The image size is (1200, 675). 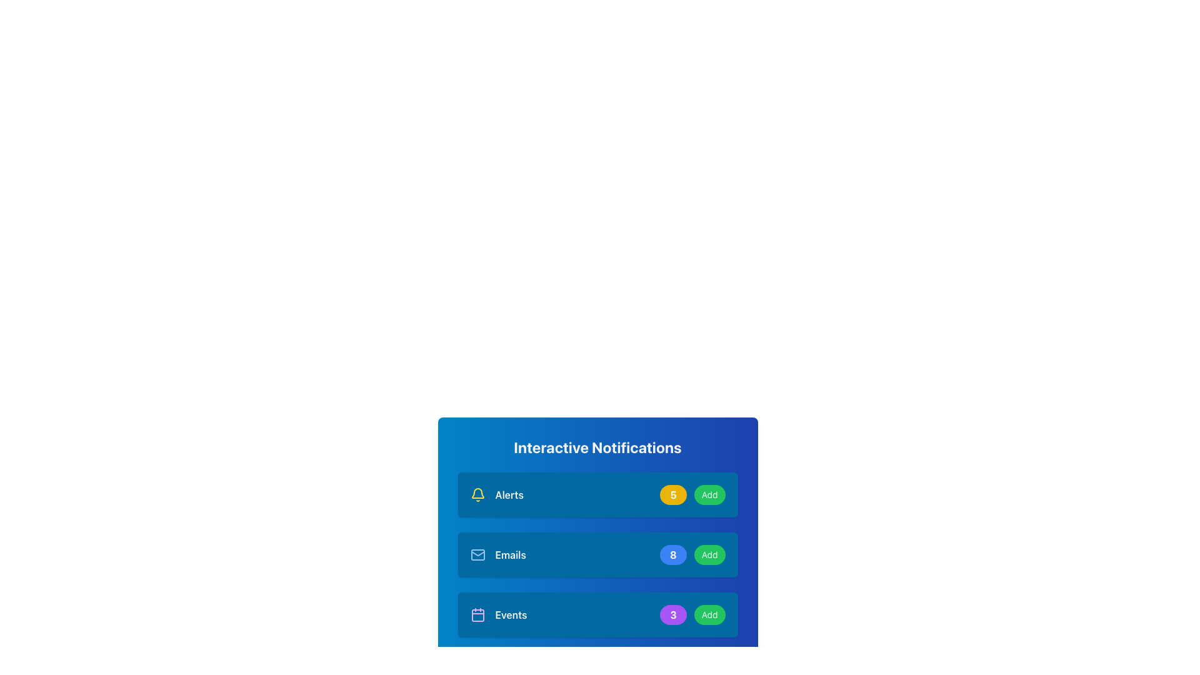 I want to click on the 'add' button located in the last row of the list, positioned far right next to the purple circular element containing the number '3', so click(x=709, y=614).